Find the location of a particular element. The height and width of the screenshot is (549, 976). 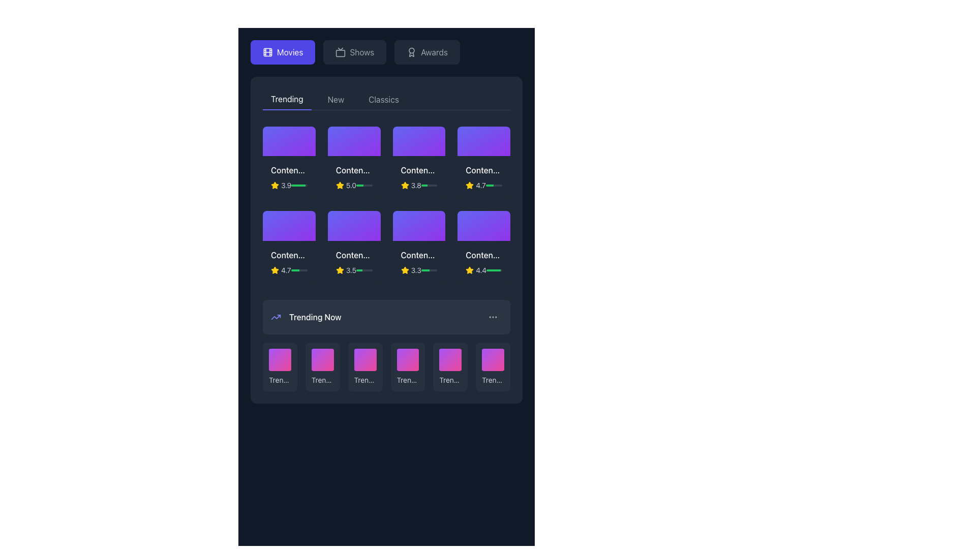

rating value displayed as '3.5' next to the yellow star icon in the rating system is located at coordinates (351, 269).